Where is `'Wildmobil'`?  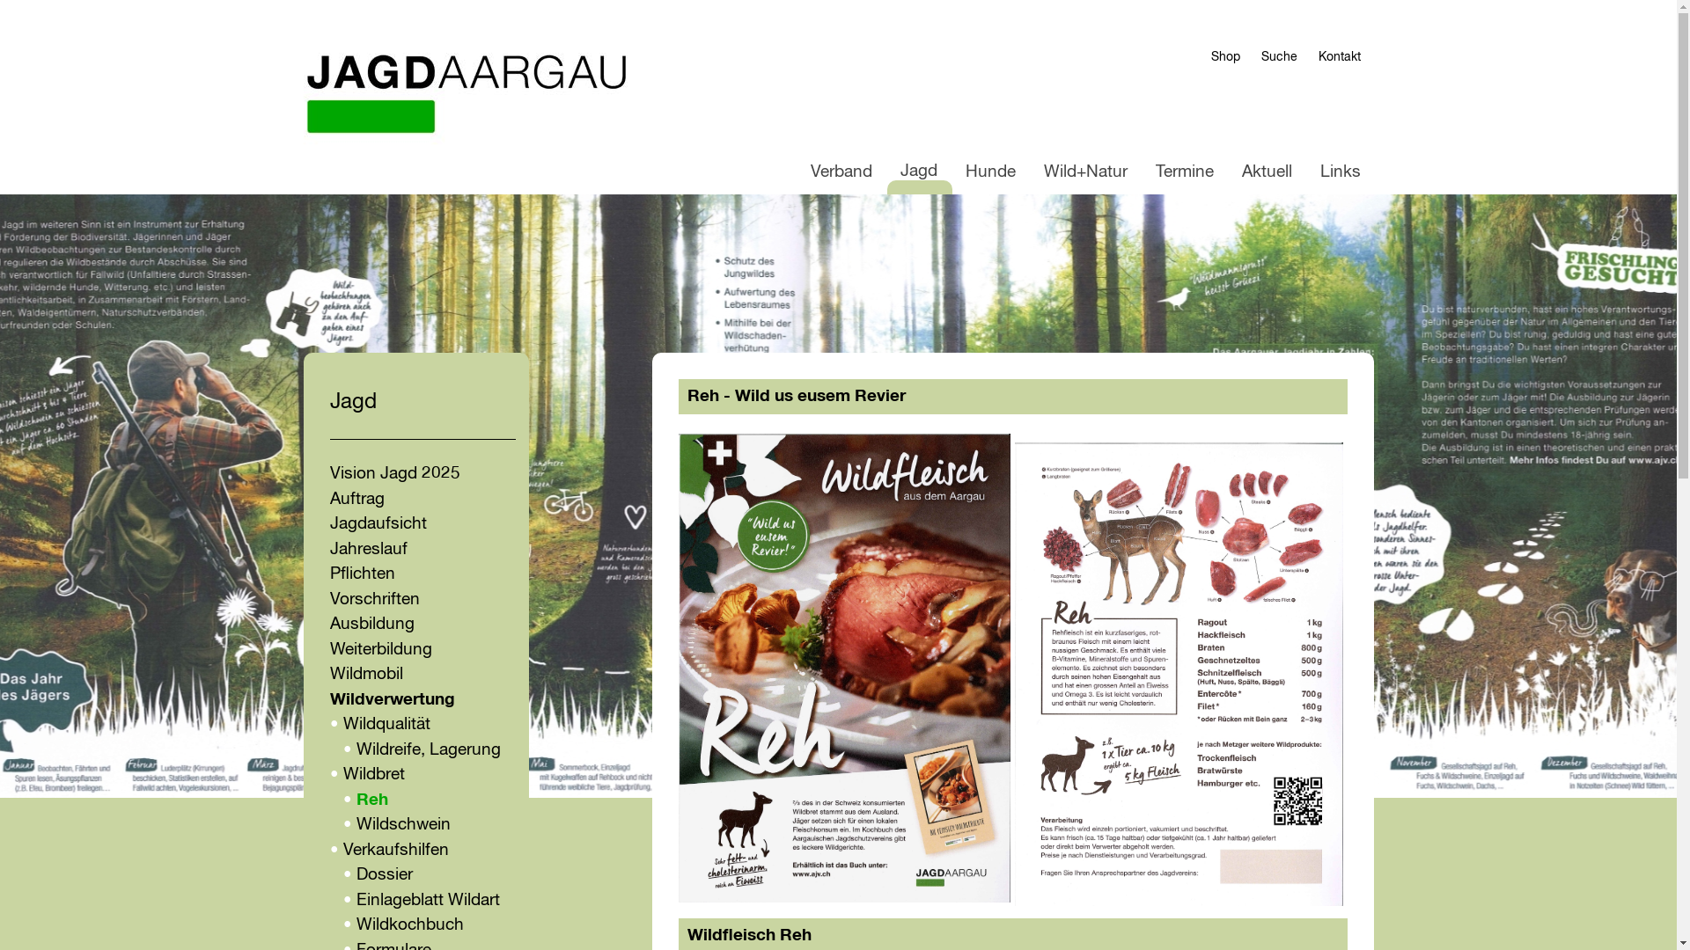 'Wildmobil' is located at coordinates (364, 673).